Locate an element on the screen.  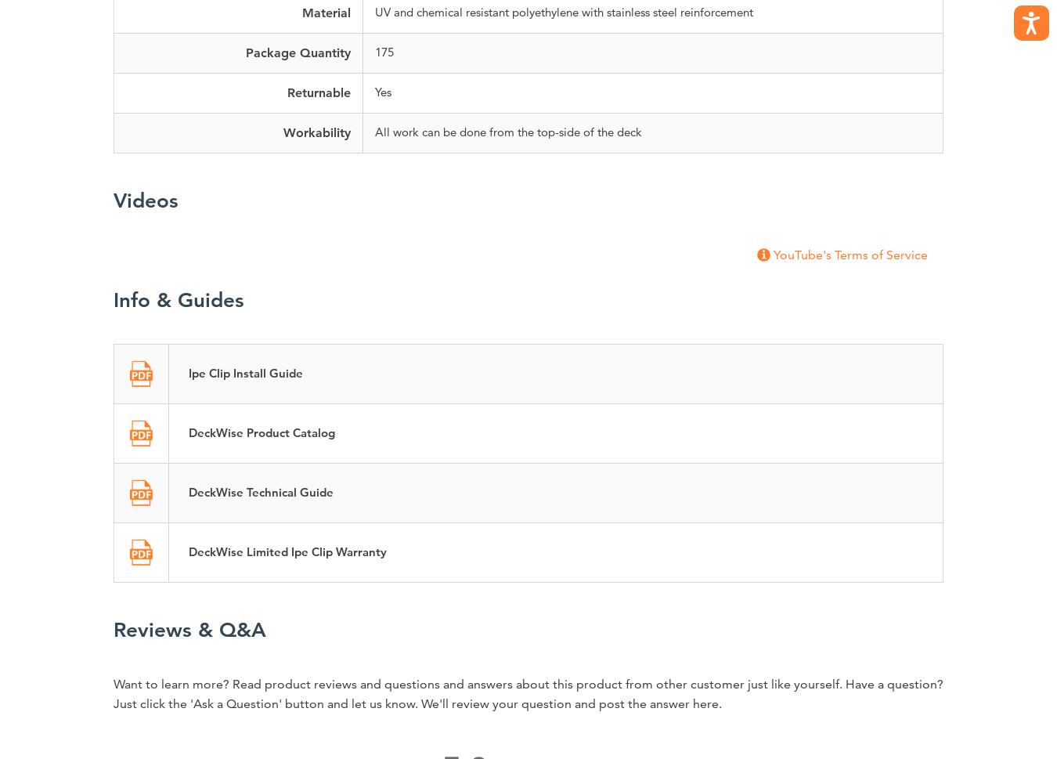
'Reviews & Q&A' is located at coordinates (189, 630).